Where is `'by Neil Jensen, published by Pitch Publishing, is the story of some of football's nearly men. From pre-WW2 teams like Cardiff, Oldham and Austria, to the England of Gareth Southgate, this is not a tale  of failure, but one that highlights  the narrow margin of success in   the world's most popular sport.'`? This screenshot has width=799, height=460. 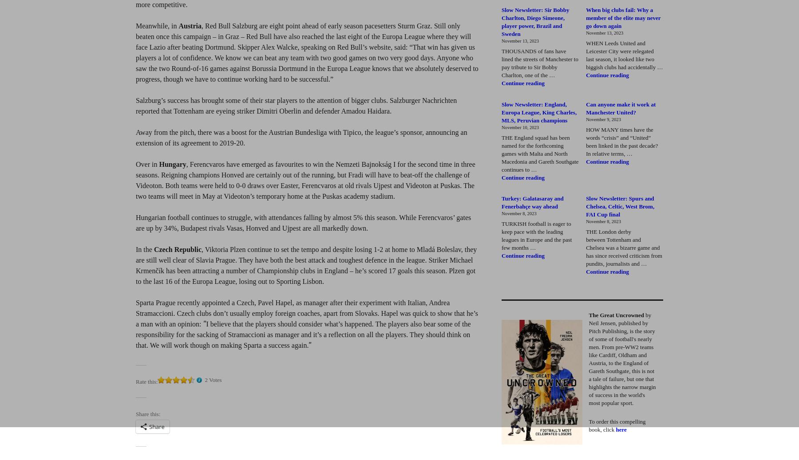 'by Neil Jensen, published by Pitch Publishing, is the story of some of football's nearly men. From pre-WW2 teams like Cardiff, Oldham and Austria, to the England of Gareth Southgate, this is not a tale  of failure, but one that highlights  the narrow margin of success in   the world's most popular sport.' is located at coordinates (589, 359).